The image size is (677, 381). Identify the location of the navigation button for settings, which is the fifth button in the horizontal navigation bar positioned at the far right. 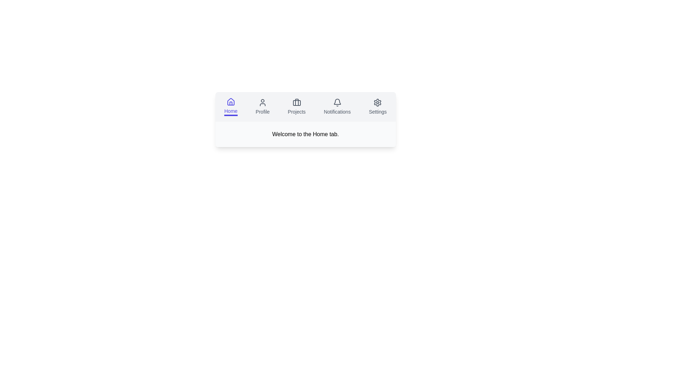
(377, 107).